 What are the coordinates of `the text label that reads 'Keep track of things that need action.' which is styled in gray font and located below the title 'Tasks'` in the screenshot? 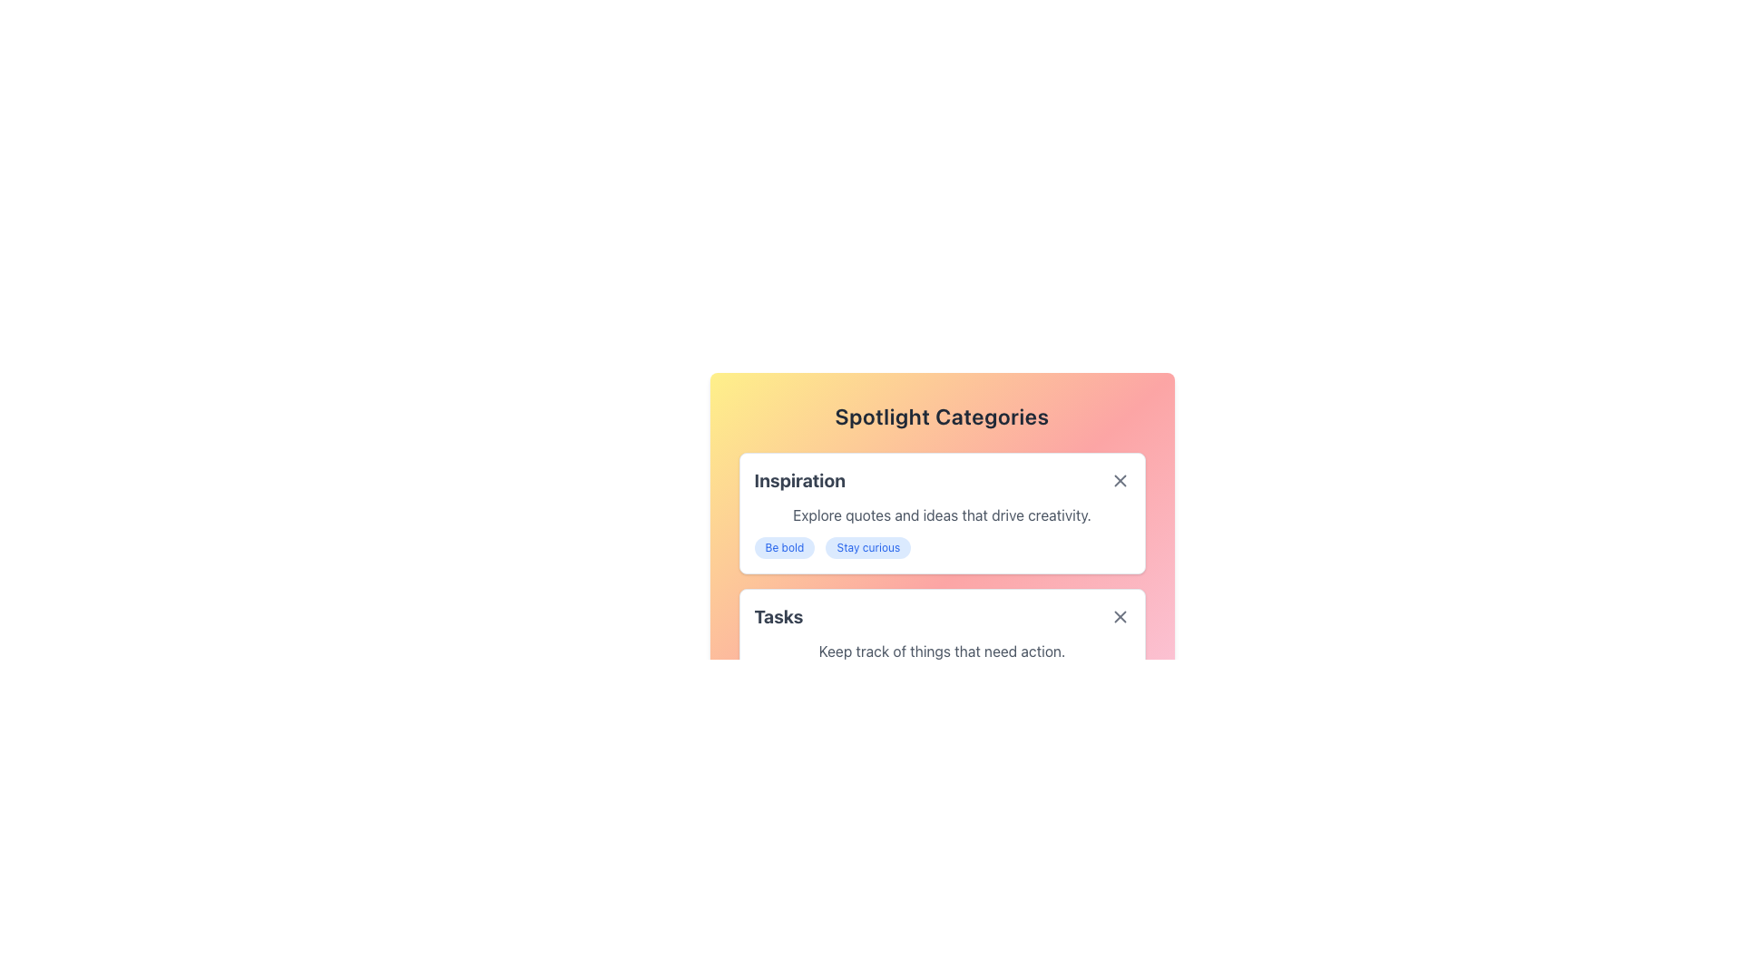 It's located at (942, 650).